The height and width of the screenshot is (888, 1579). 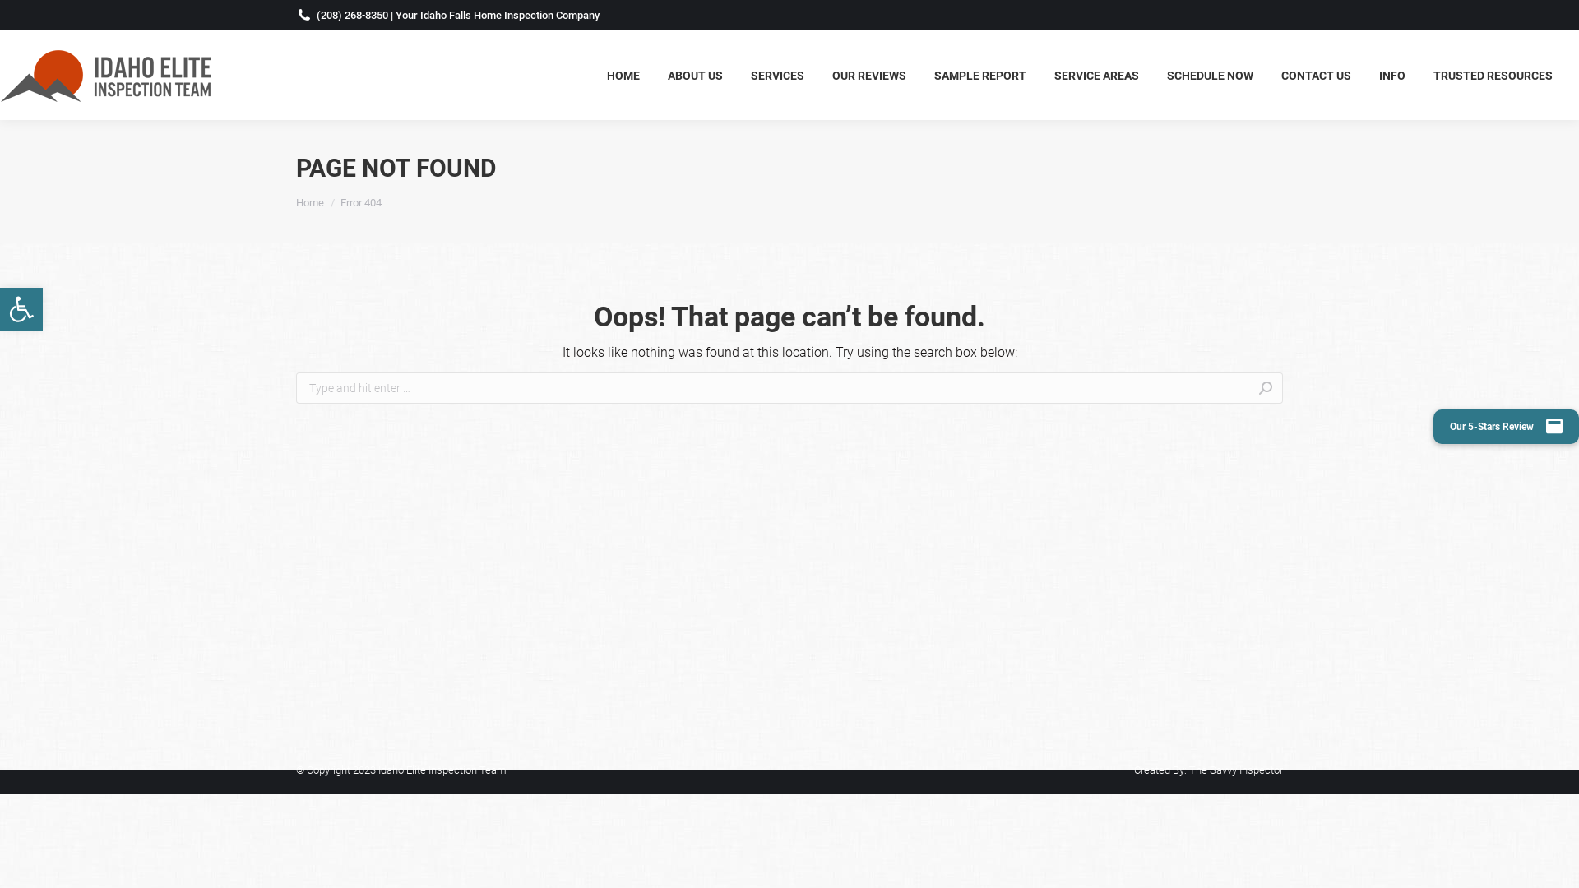 What do you see at coordinates (776, 75) in the screenshot?
I see `'SERVICES'` at bounding box center [776, 75].